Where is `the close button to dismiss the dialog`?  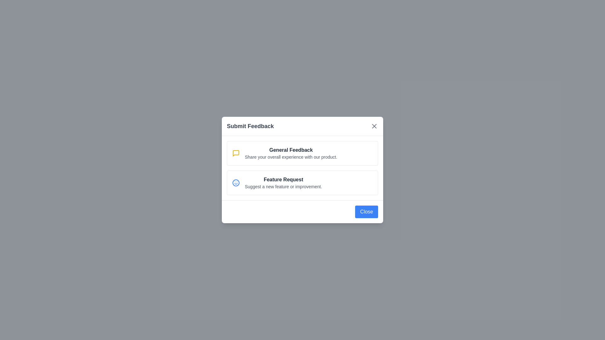 the close button to dismiss the dialog is located at coordinates (374, 126).